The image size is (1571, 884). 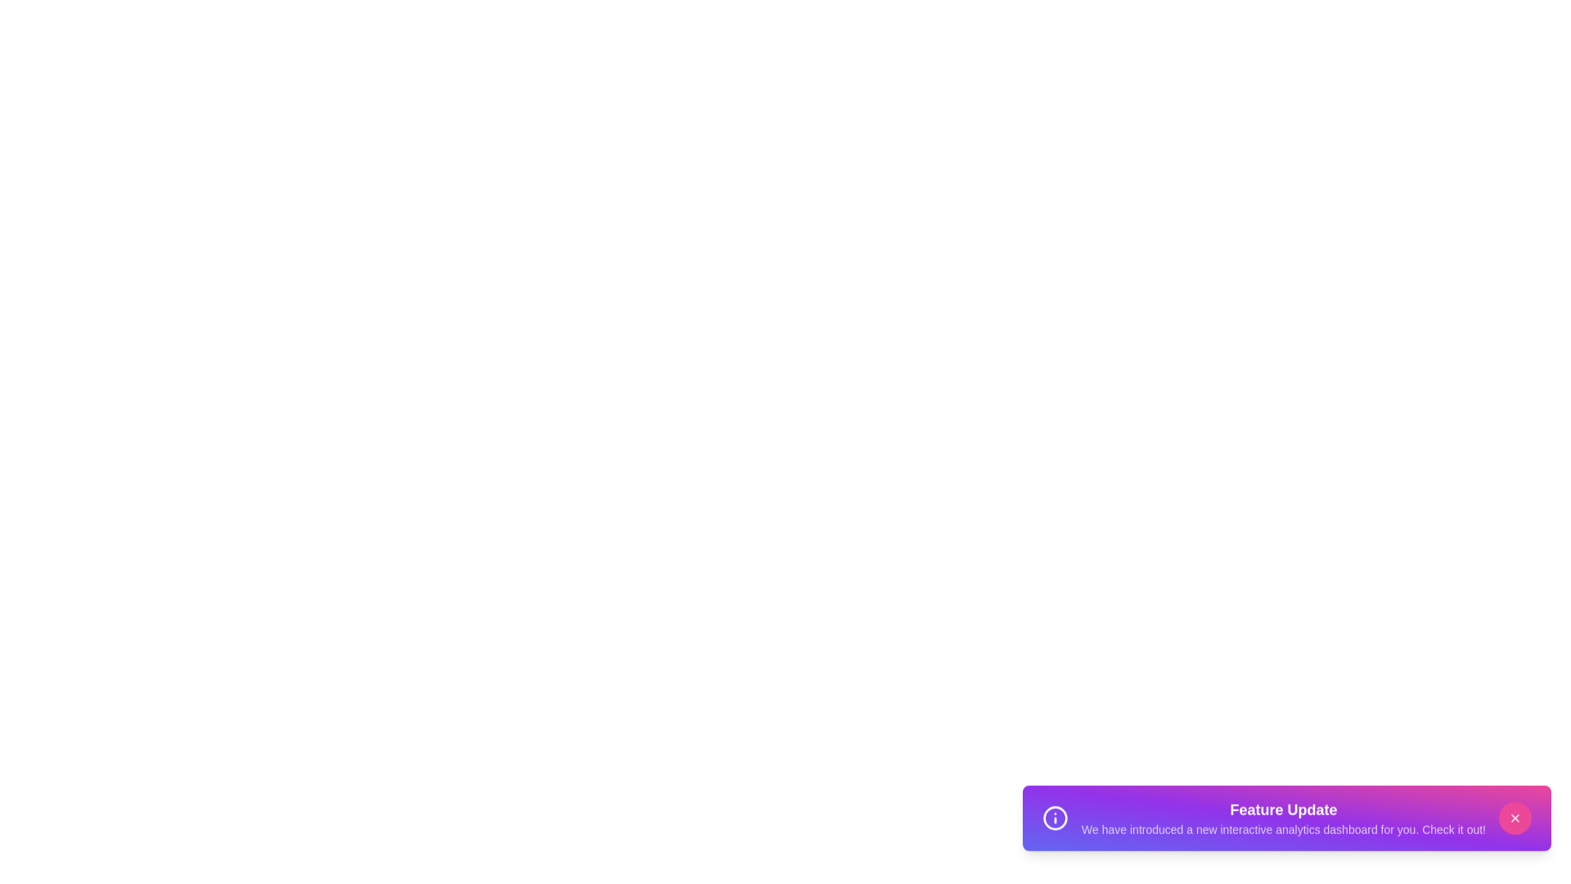 I want to click on the close button of the snackbar component to observe its hover effect, so click(x=1515, y=826).